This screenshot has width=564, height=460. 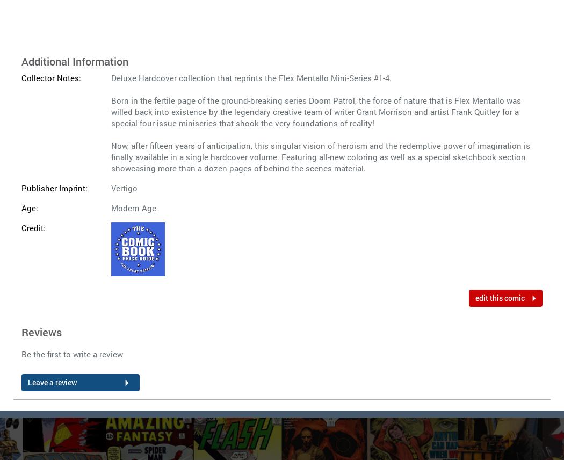 I want to click on 'Credit:', so click(x=33, y=227).